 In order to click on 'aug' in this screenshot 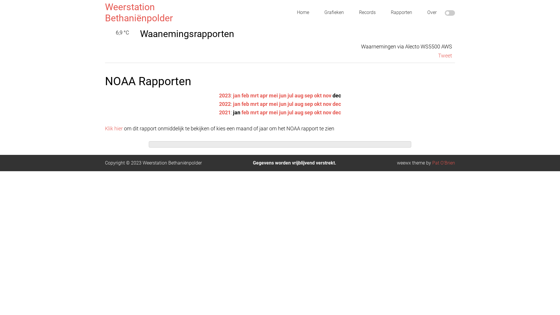, I will do `click(299, 104)`.